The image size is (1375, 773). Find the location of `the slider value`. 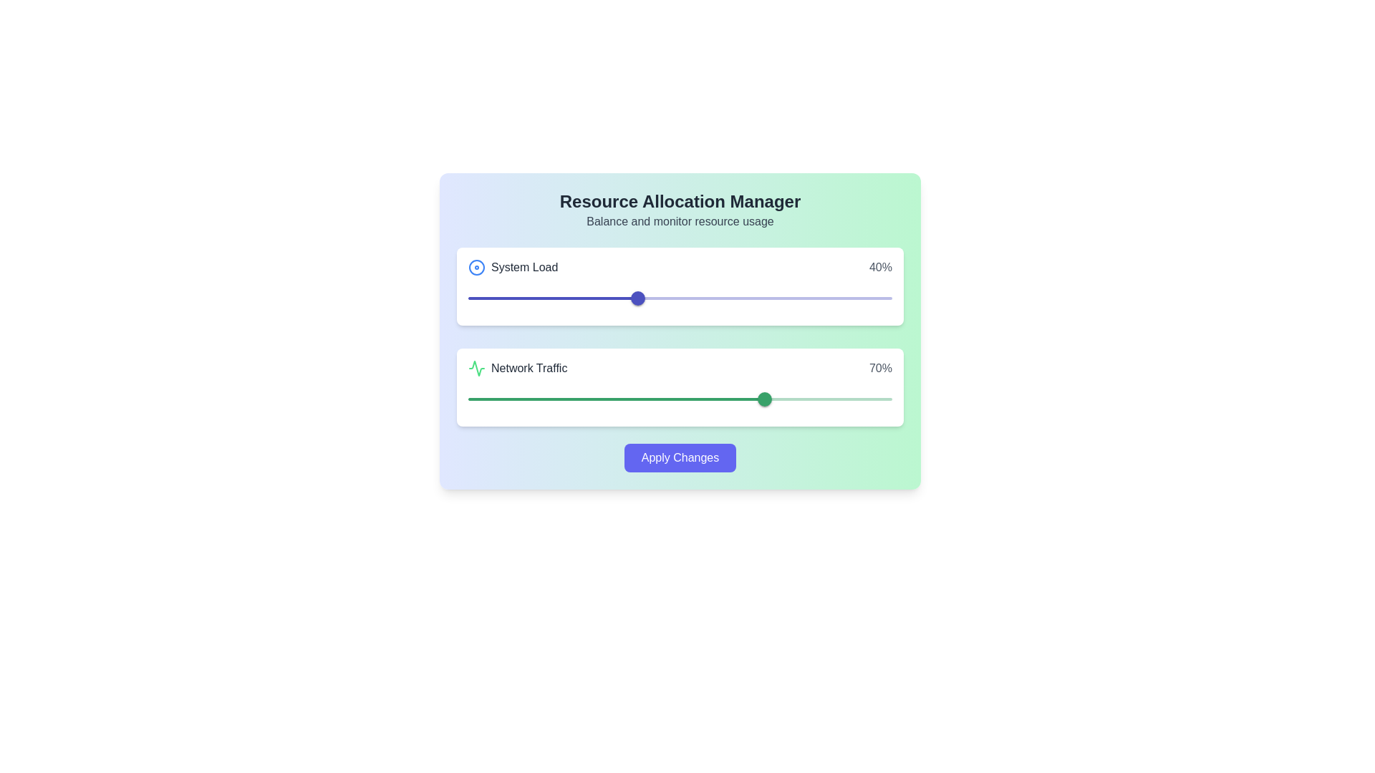

the slider value is located at coordinates (506, 399).